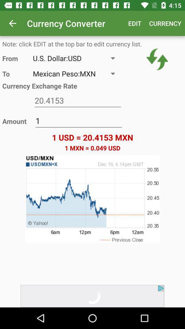 The width and height of the screenshot is (185, 329). Describe the element at coordinates (12, 23) in the screenshot. I see `the item next to currency converter` at that location.